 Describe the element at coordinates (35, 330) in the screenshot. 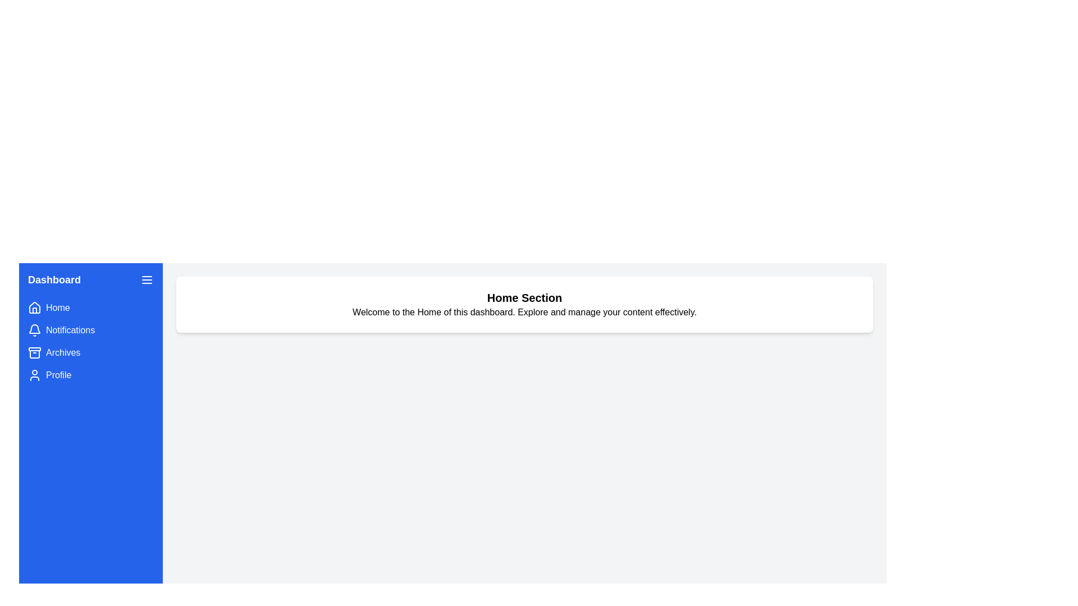

I see `the bell-shaped notifications icon located in the vertical navigation bar on the left side of the interface` at that location.